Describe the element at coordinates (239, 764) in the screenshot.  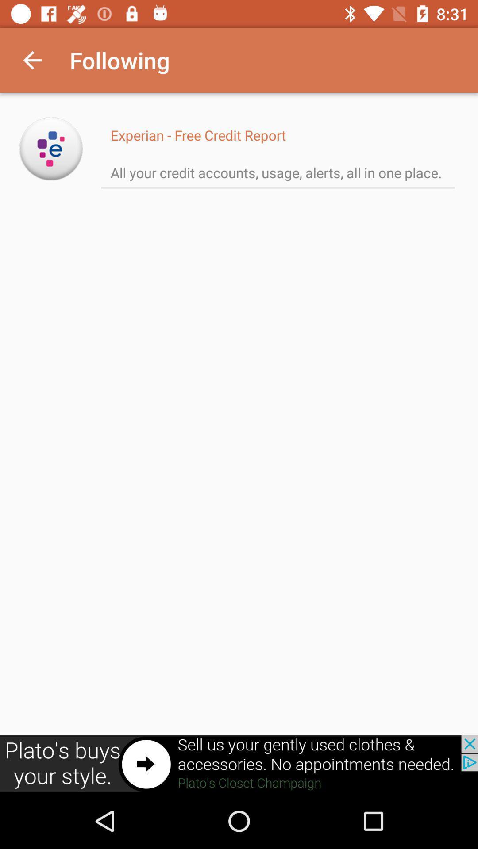
I see `click the advertisement` at that location.